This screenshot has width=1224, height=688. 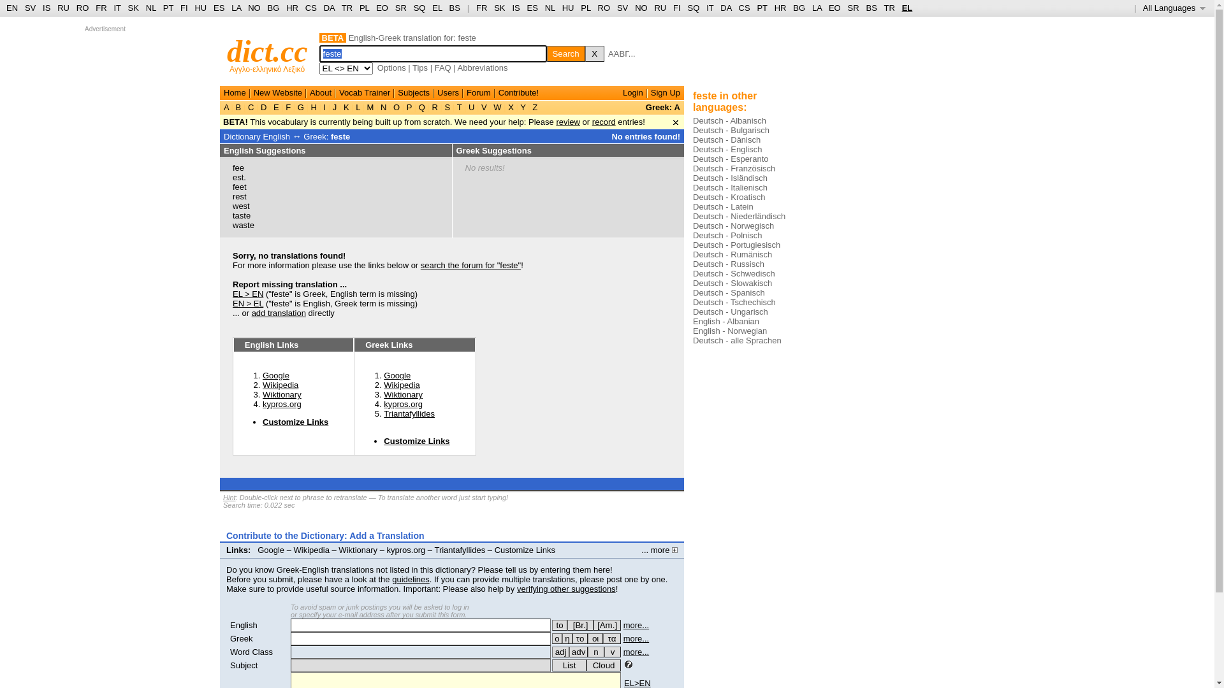 What do you see at coordinates (470, 264) in the screenshot?
I see `'search the forum for "feste"'` at bounding box center [470, 264].